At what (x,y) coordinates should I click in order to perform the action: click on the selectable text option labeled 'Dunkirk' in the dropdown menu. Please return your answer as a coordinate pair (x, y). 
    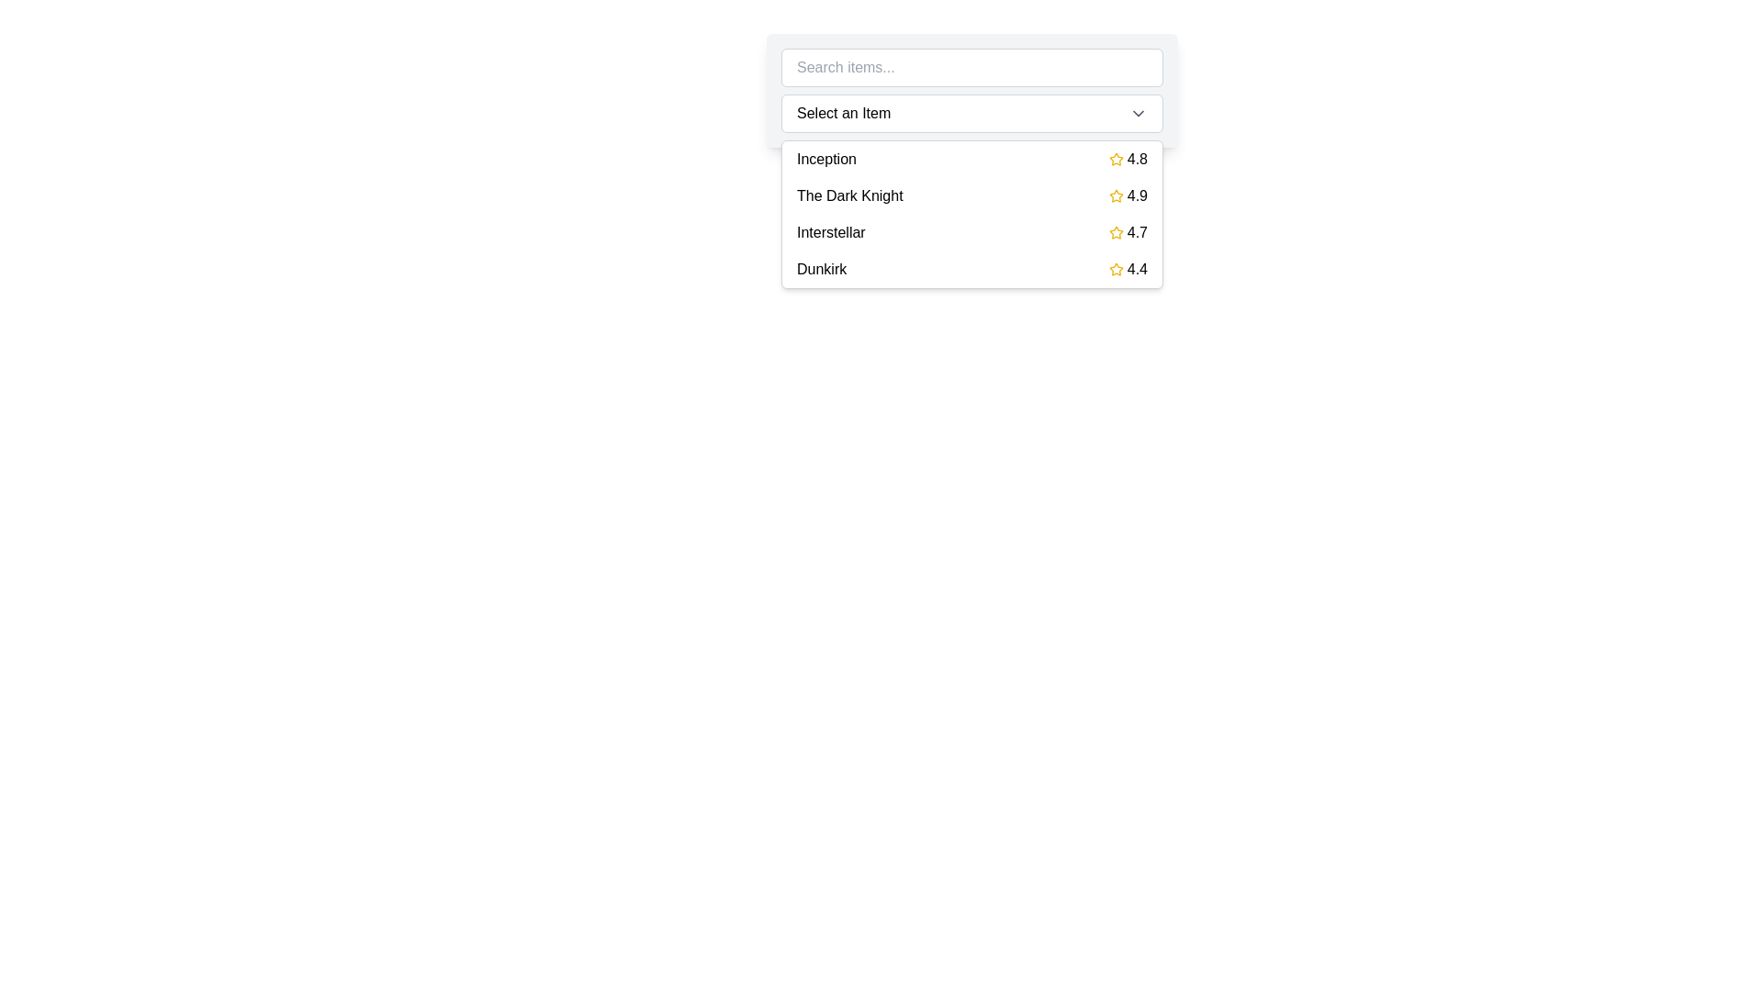
    Looking at the image, I should click on (821, 269).